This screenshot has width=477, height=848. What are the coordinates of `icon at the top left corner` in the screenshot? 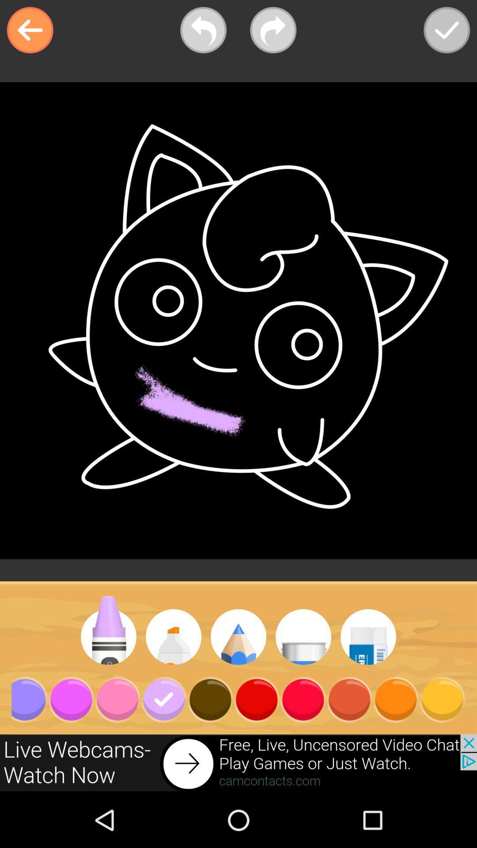 It's located at (30, 30).